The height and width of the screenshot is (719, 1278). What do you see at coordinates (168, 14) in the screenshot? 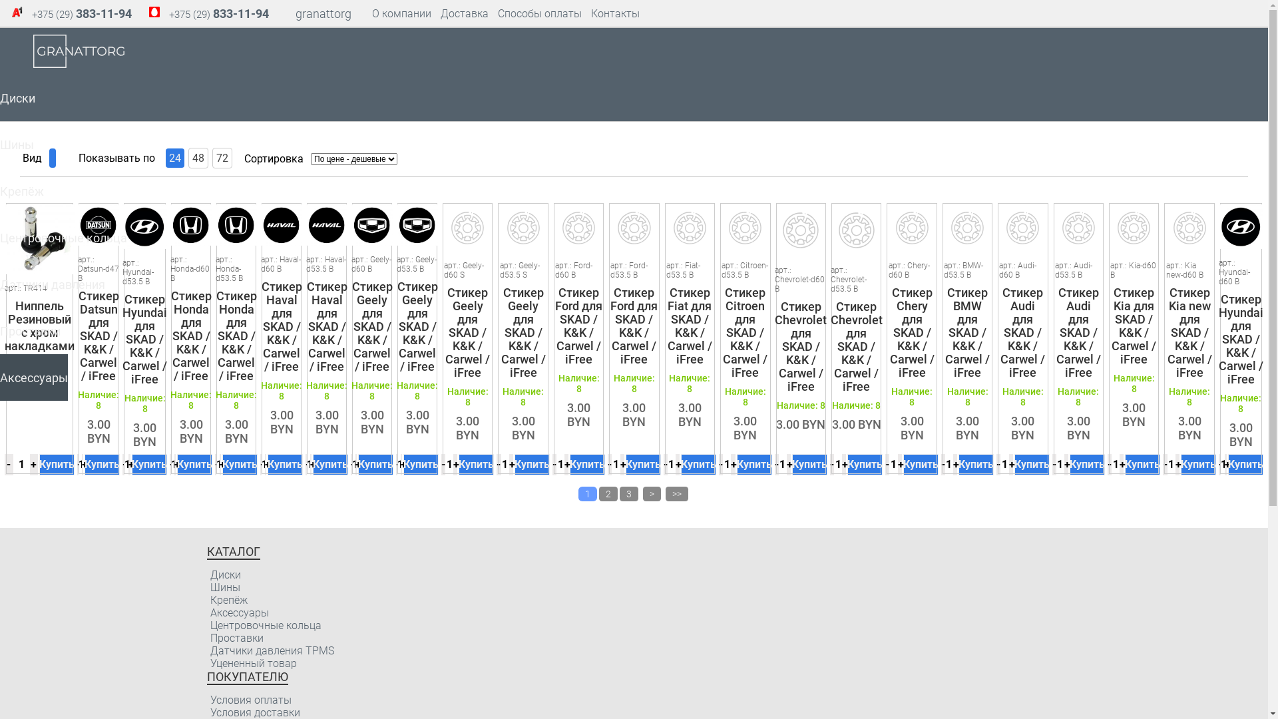
I see `'+375 (29) 833-11-94'` at bounding box center [168, 14].